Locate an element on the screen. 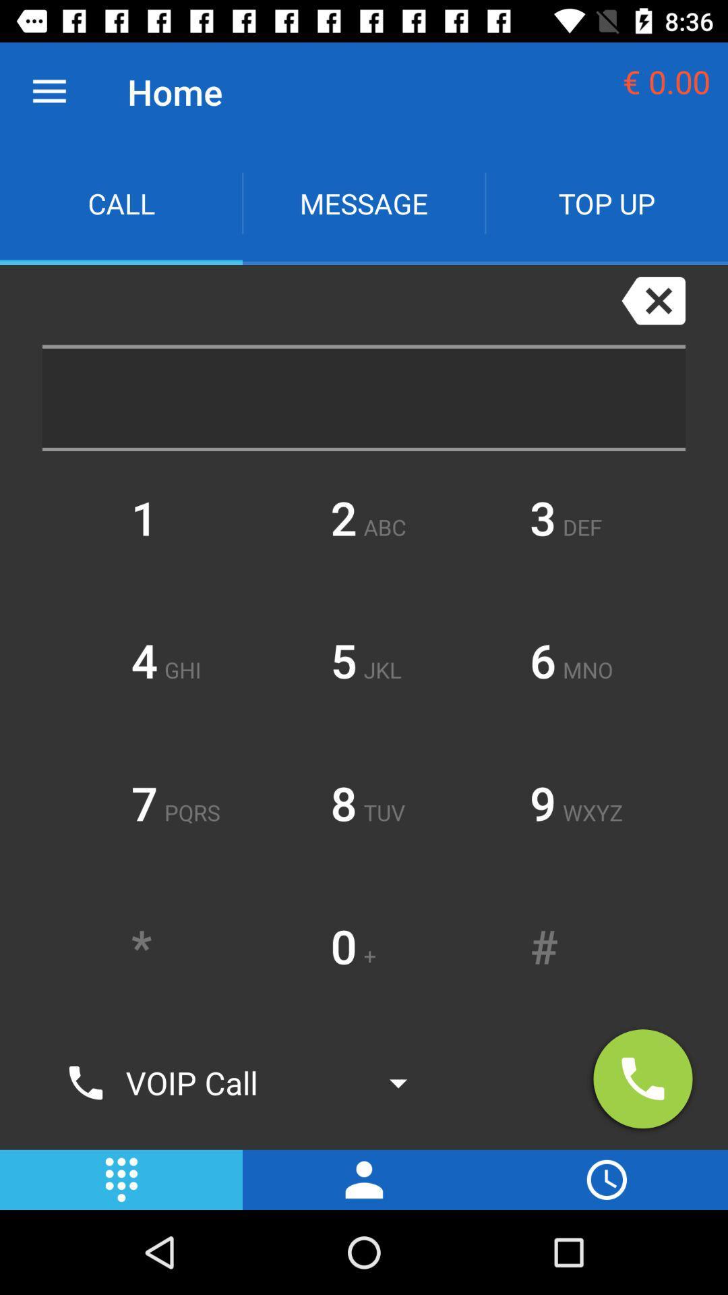 The height and width of the screenshot is (1295, 728). the top up is located at coordinates (605, 202).